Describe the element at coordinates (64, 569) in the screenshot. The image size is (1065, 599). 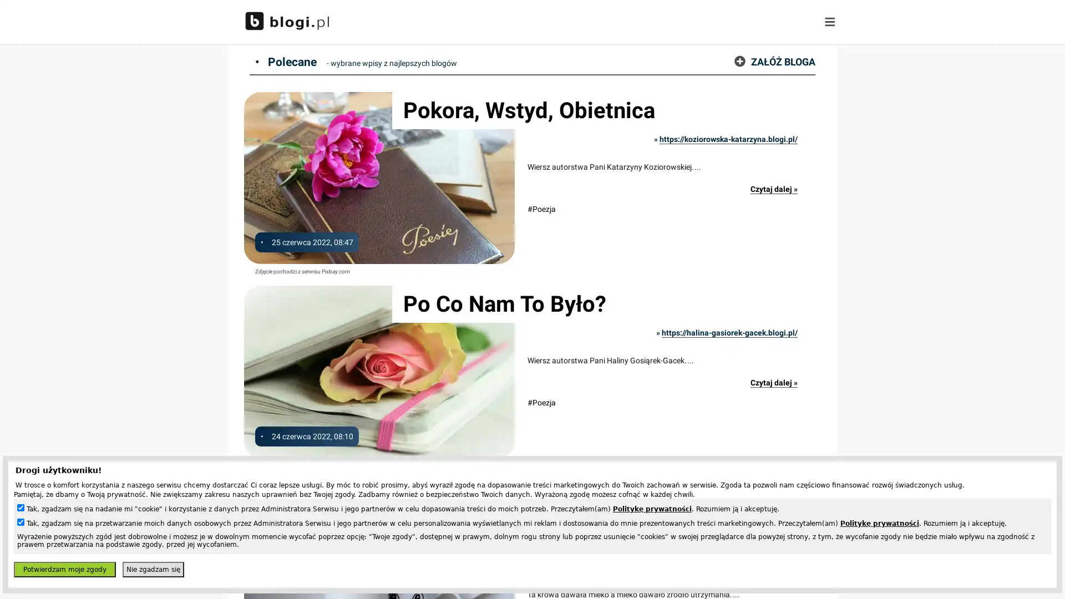
I see `Potwierdzam moje zgody` at that location.